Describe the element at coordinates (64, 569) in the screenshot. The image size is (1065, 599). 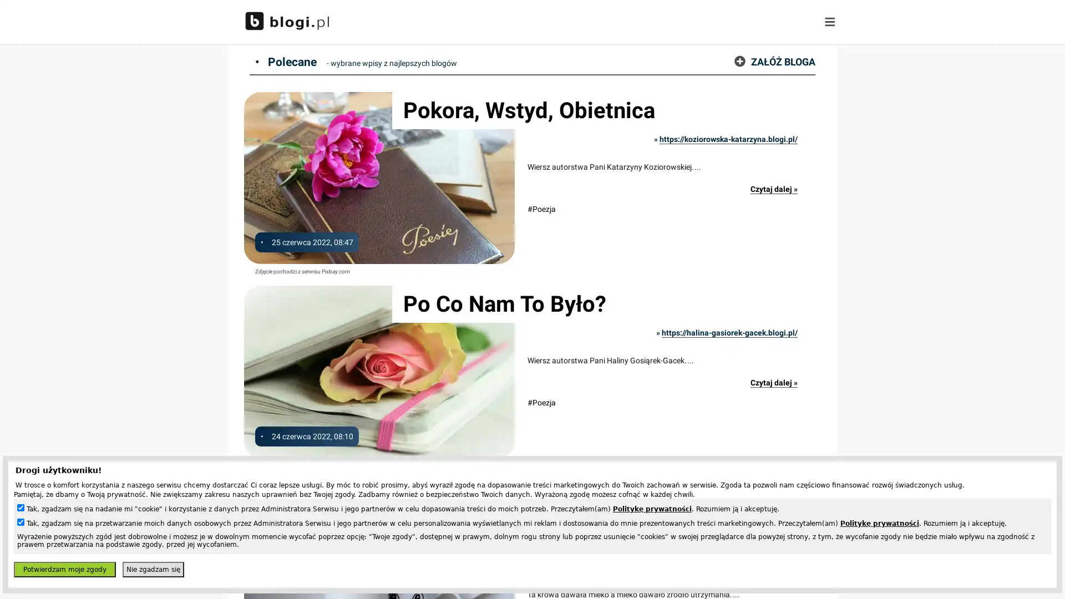
I see `Potwierdzam moje zgody` at that location.